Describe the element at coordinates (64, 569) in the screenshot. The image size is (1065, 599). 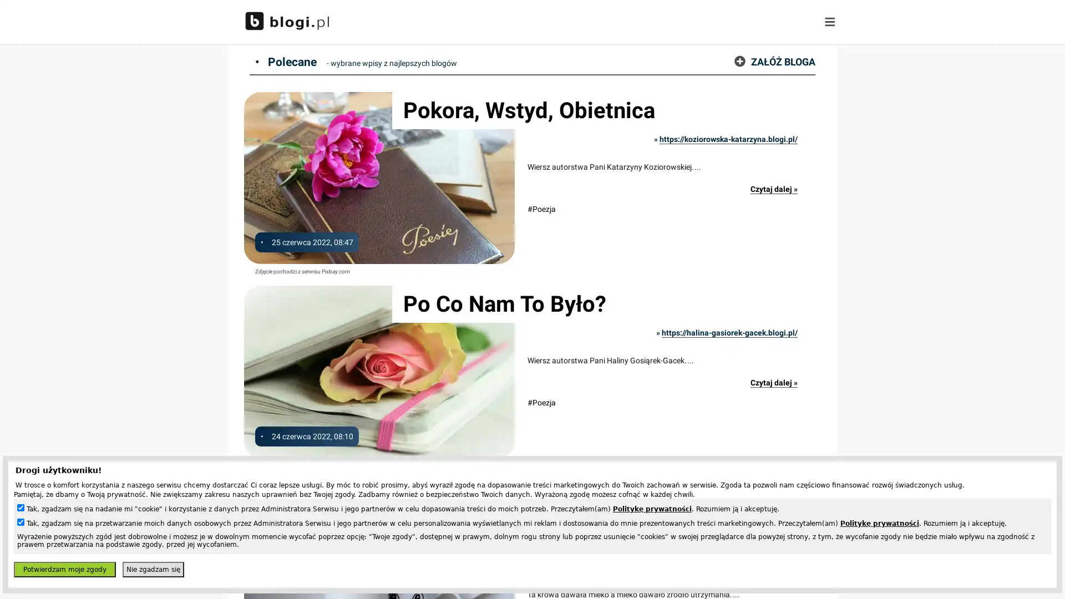
I see `Potwierdzam moje zgody` at that location.